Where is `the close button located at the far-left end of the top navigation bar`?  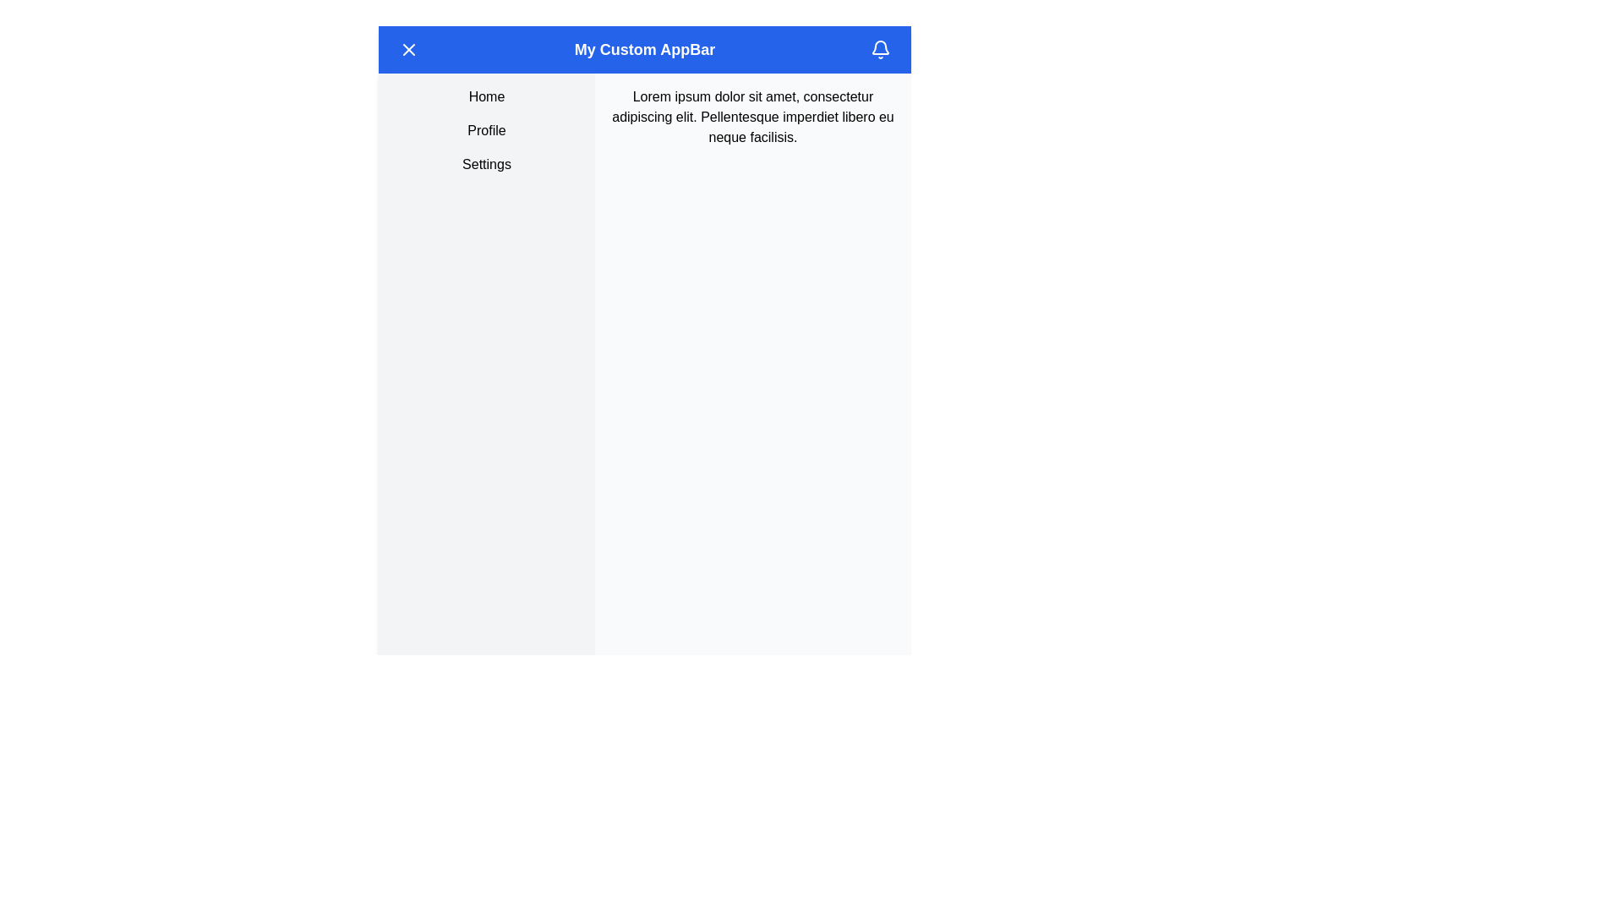 the close button located at the far-left end of the top navigation bar is located at coordinates (409, 48).